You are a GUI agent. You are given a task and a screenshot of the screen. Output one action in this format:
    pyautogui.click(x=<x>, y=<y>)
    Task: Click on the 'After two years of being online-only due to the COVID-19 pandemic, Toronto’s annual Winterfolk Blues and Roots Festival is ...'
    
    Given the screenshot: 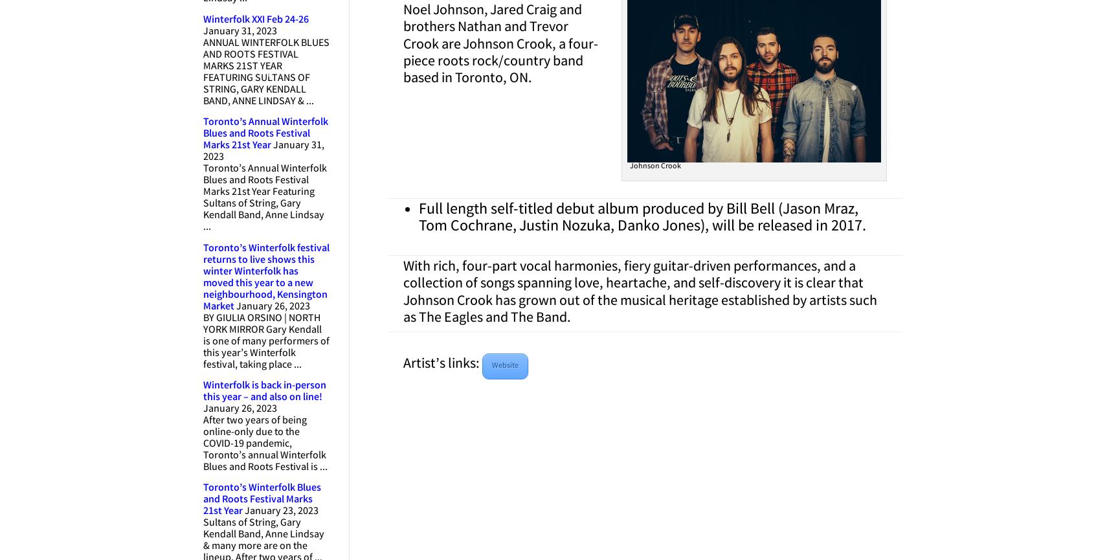 What is the action you would take?
    pyautogui.click(x=202, y=444)
    